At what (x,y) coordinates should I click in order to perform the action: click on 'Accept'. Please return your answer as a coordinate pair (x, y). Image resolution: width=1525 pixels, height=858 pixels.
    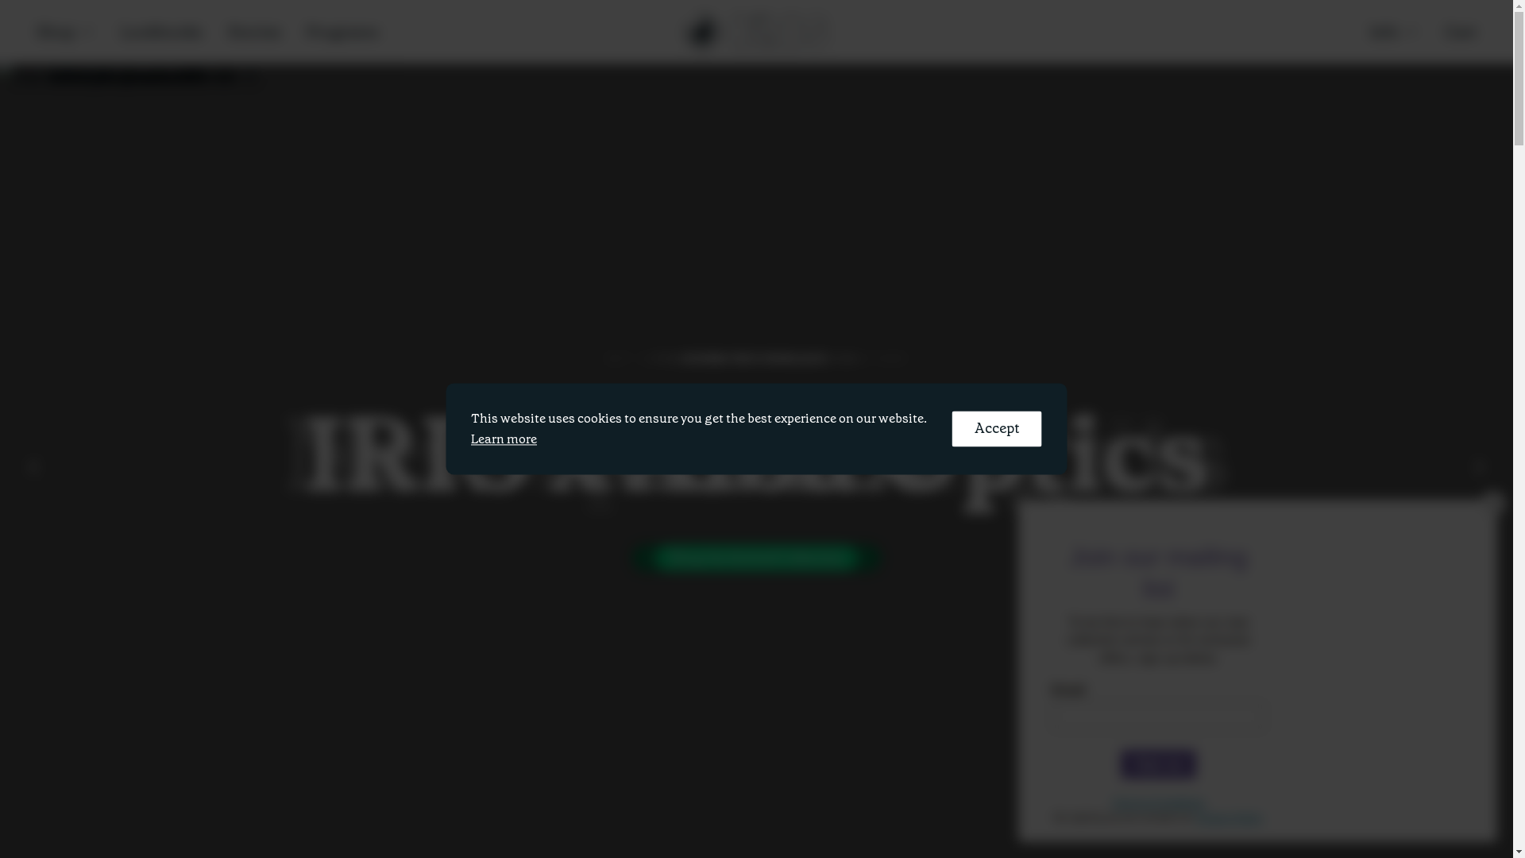
    Looking at the image, I should click on (952, 429).